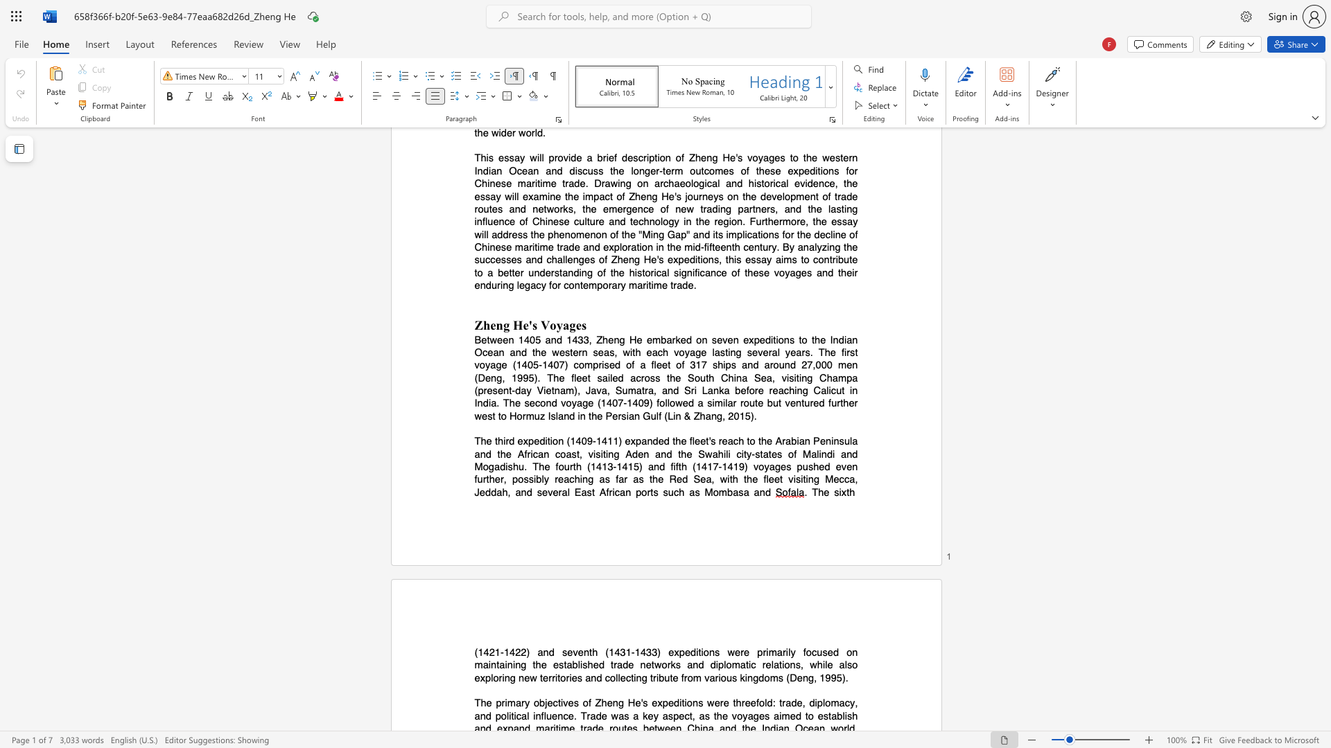 The image size is (1331, 748). I want to click on the space between the continuous character "t" and "i" in the text, so click(560, 703).